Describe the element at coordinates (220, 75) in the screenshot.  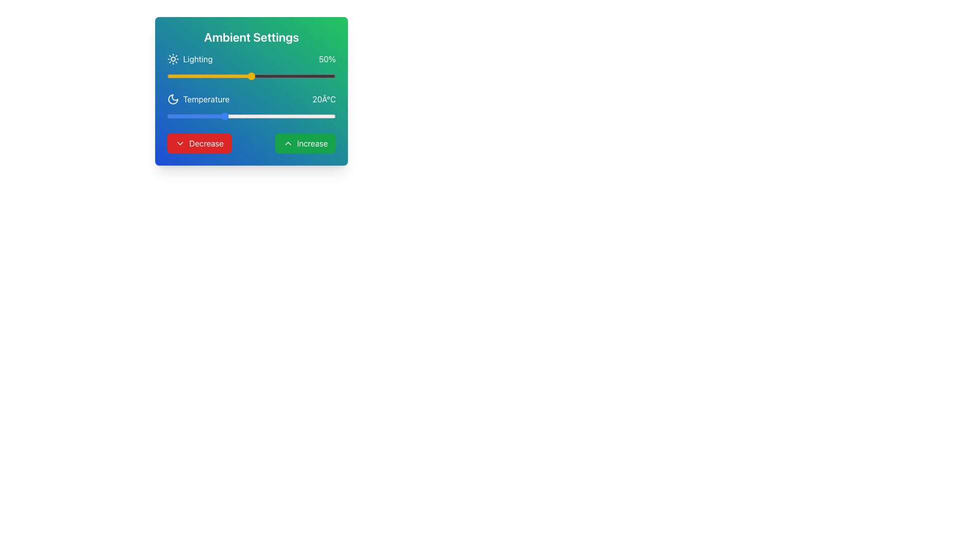
I see `brightness level` at that location.